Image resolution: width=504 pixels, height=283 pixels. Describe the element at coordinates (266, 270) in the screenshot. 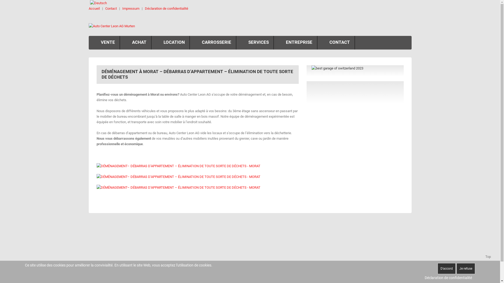

I see `'026 672 21 24'` at that location.